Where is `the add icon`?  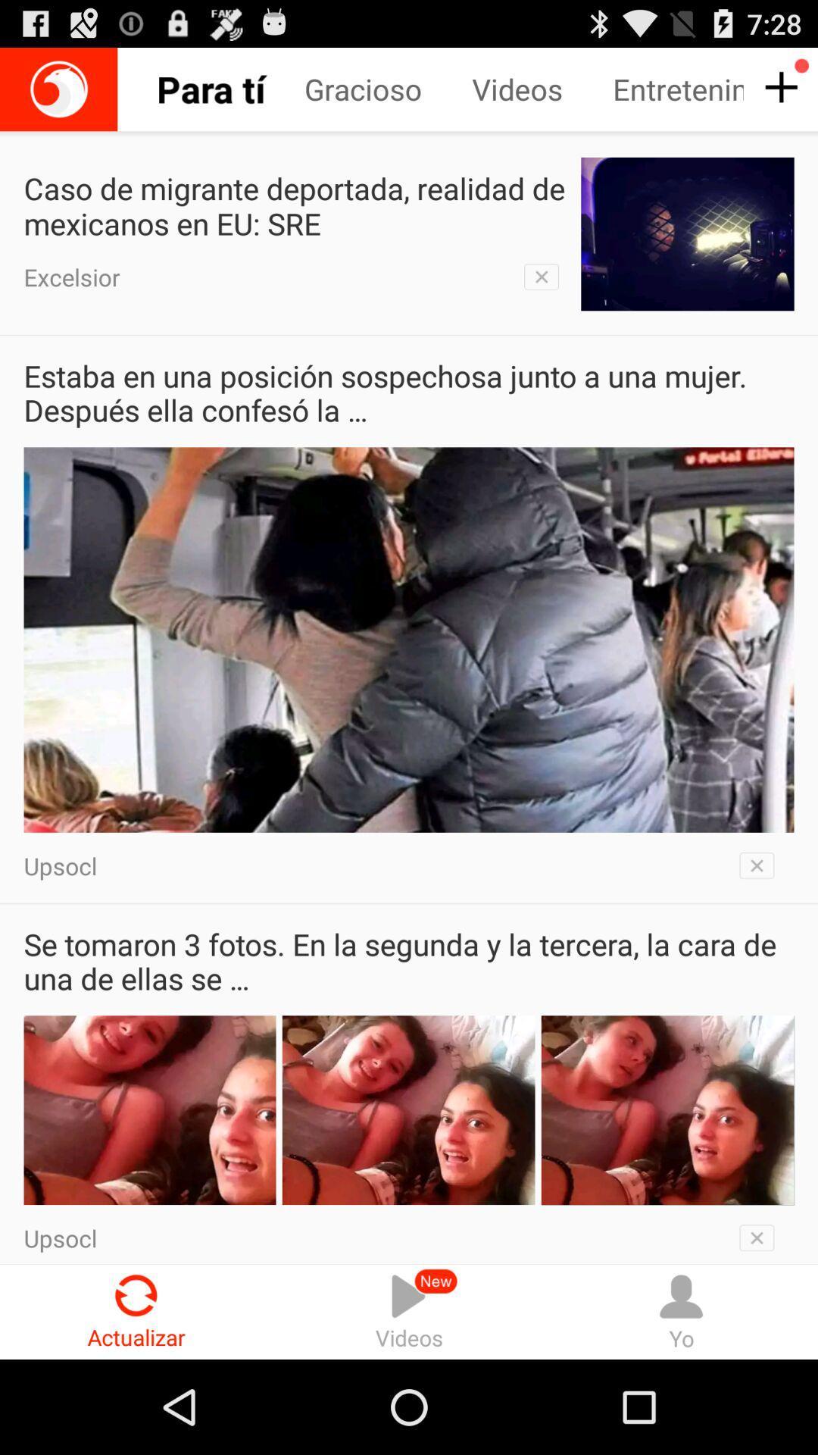
the add icon is located at coordinates (779, 93).